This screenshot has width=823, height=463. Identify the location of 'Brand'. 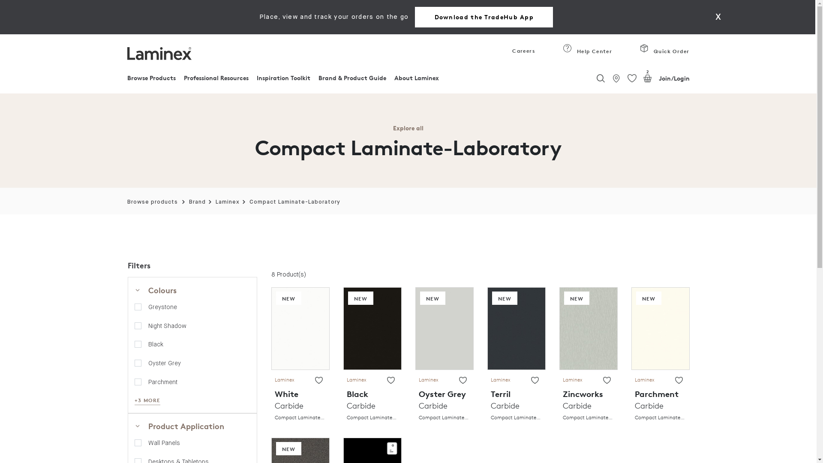
(197, 202).